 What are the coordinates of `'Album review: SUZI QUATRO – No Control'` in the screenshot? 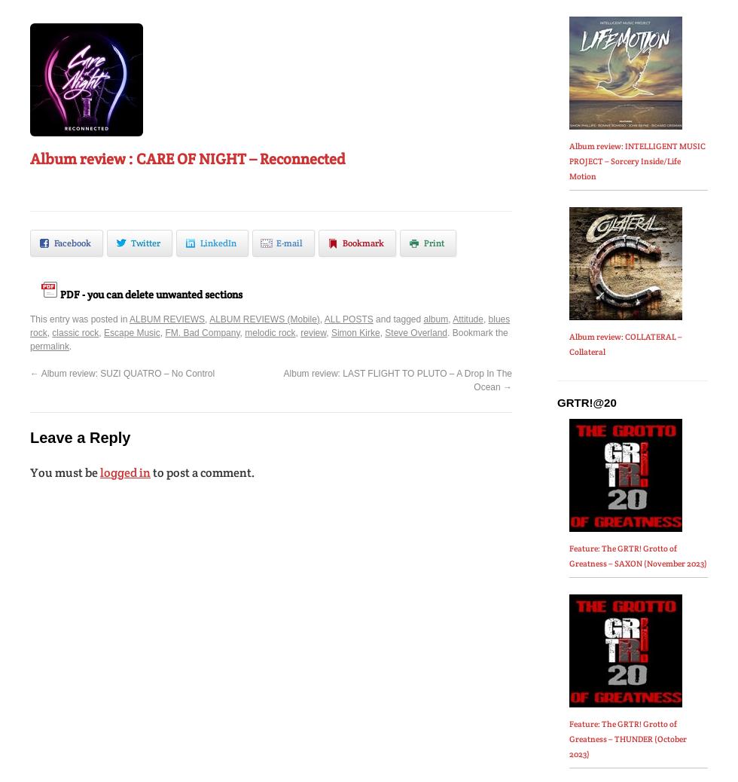 It's located at (127, 373).